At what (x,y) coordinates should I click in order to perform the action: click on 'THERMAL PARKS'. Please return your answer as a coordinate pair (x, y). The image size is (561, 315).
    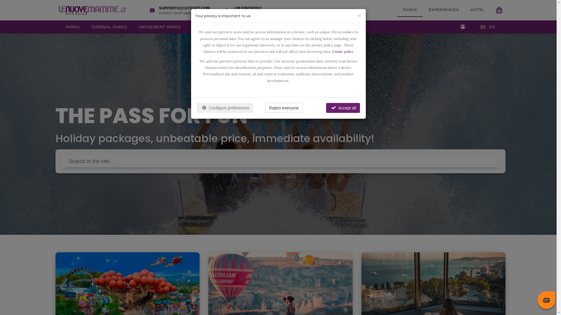
    Looking at the image, I should click on (109, 27).